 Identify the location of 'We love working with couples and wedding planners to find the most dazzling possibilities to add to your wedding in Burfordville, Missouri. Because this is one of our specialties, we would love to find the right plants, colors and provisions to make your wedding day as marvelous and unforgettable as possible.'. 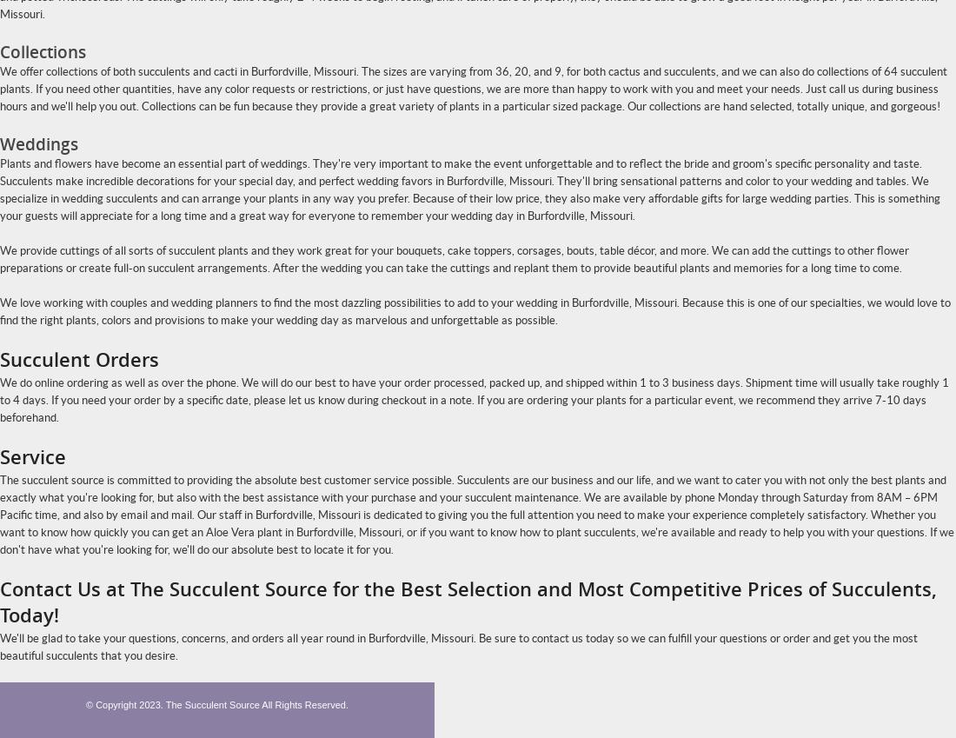
(475, 311).